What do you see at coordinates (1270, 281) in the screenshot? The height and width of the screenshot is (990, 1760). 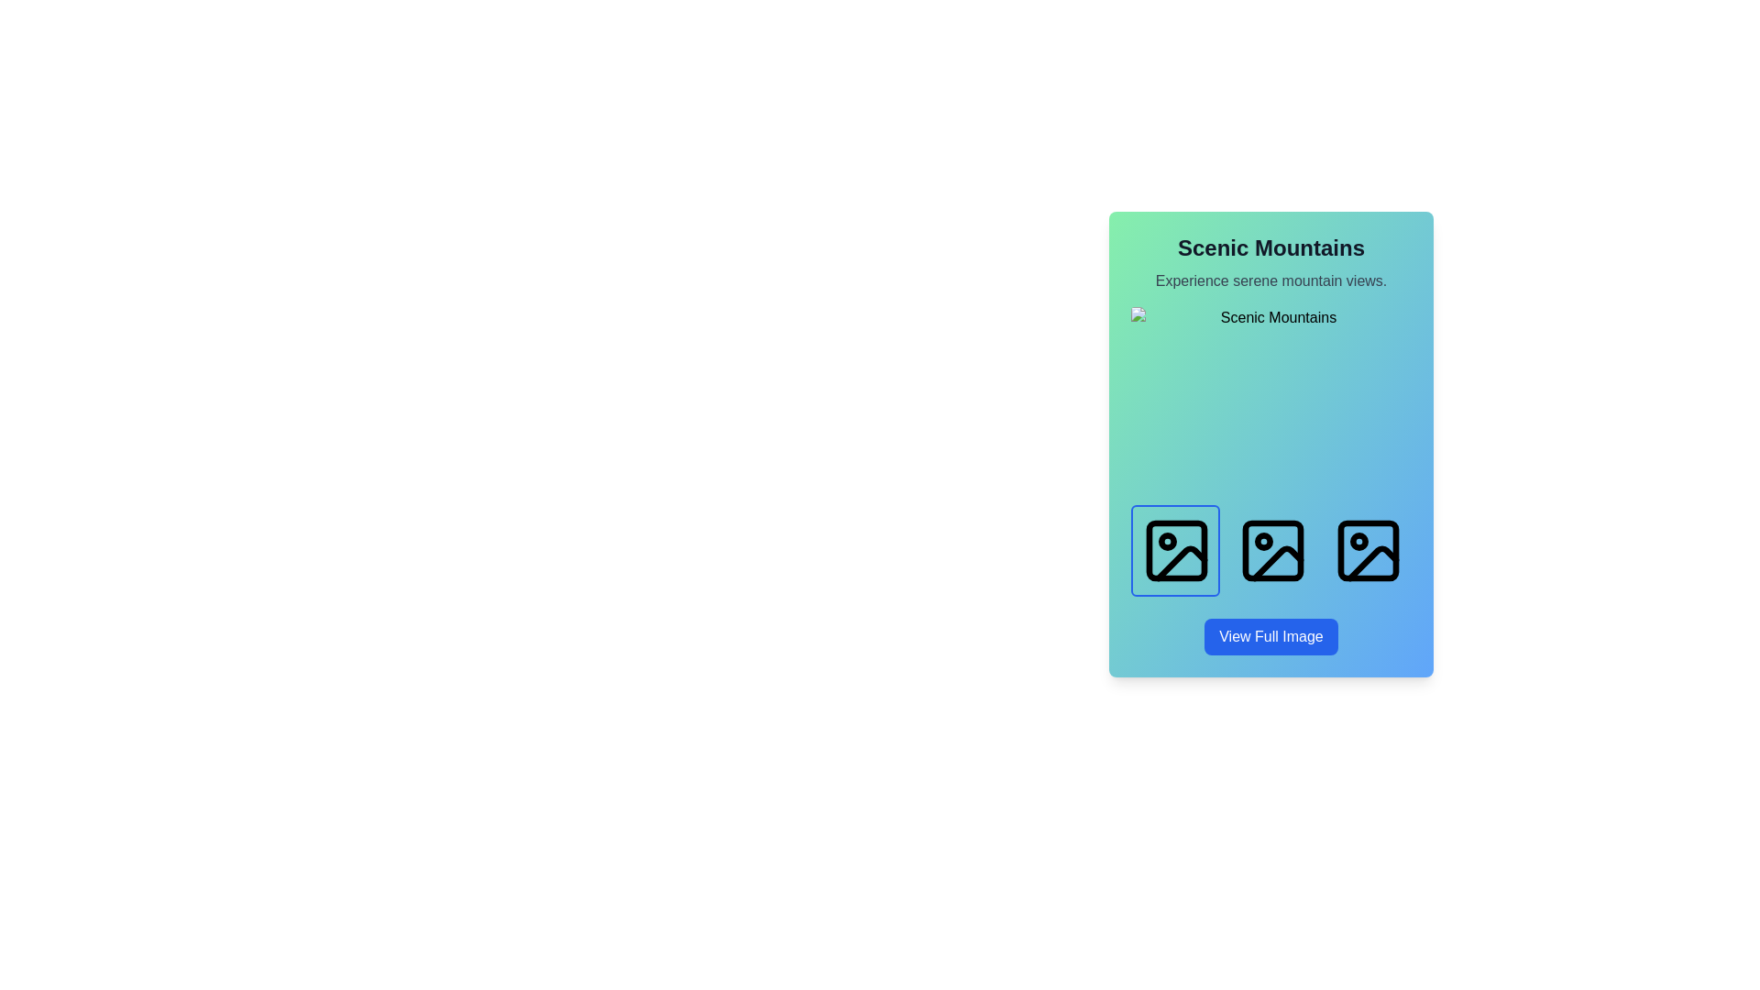 I see `the static text displaying 'Experience serene mountain views.' which is styled in muted gray and located below the heading 'Scenic Mountains'` at bounding box center [1270, 281].